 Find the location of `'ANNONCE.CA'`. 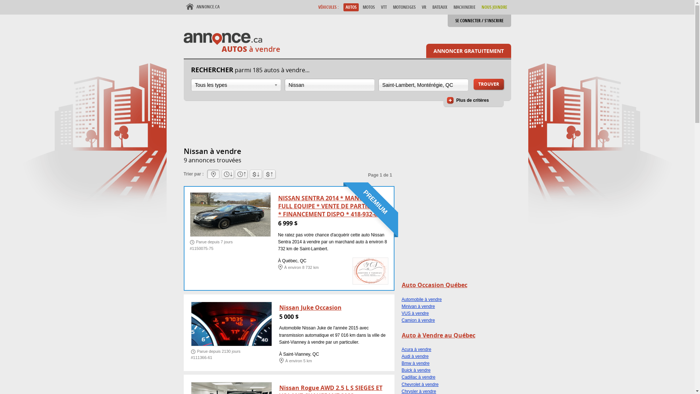

'ANNONCE.CA' is located at coordinates (203, 7).